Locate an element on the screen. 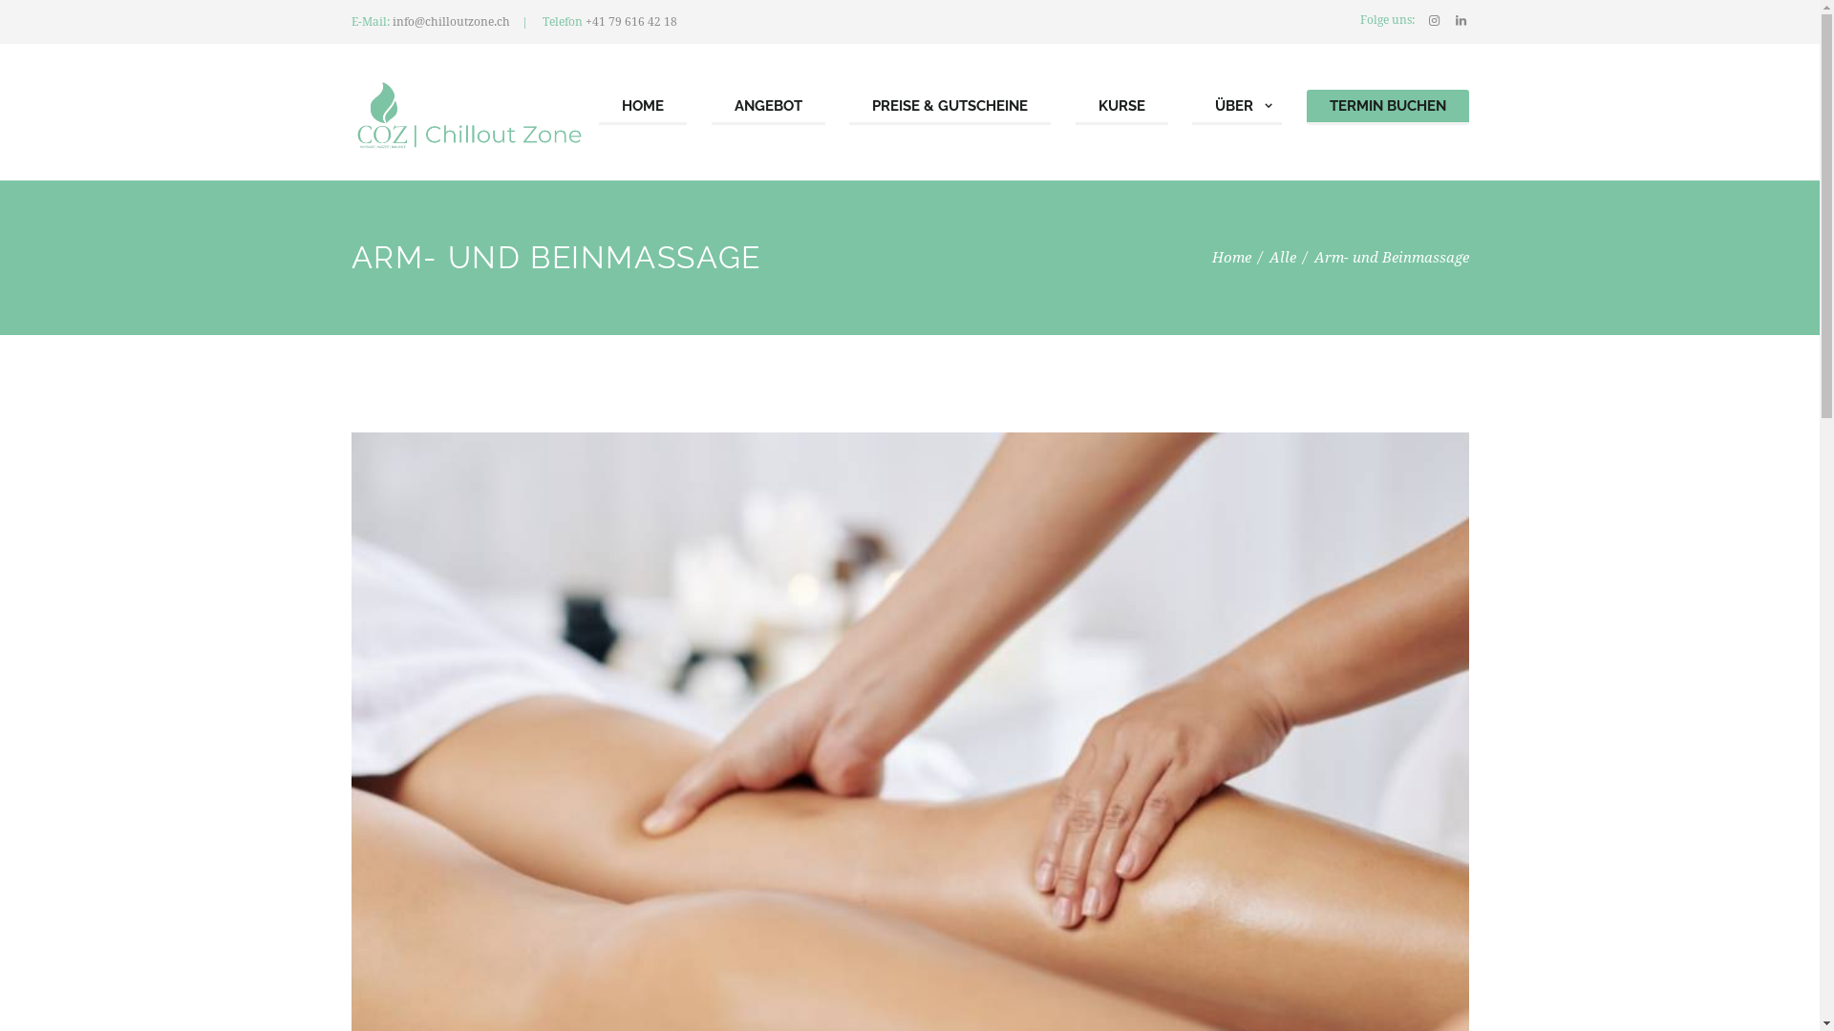 This screenshot has width=1834, height=1031. '+41 79 616 42 18' is located at coordinates (630, 22).